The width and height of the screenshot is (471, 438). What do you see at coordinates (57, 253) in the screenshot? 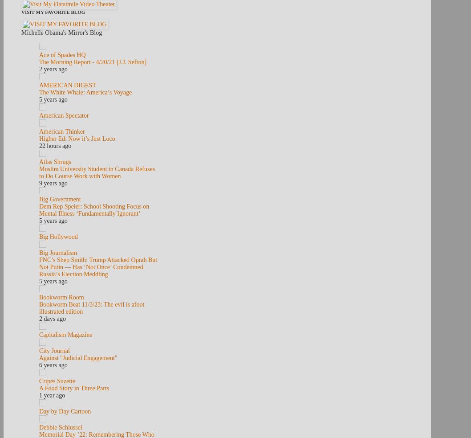
I see `'Big Journalism'` at bounding box center [57, 253].